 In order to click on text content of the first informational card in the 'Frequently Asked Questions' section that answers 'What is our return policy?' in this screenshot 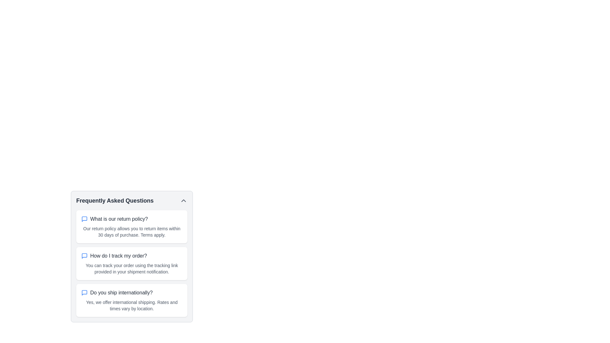, I will do `click(131, 226)`.